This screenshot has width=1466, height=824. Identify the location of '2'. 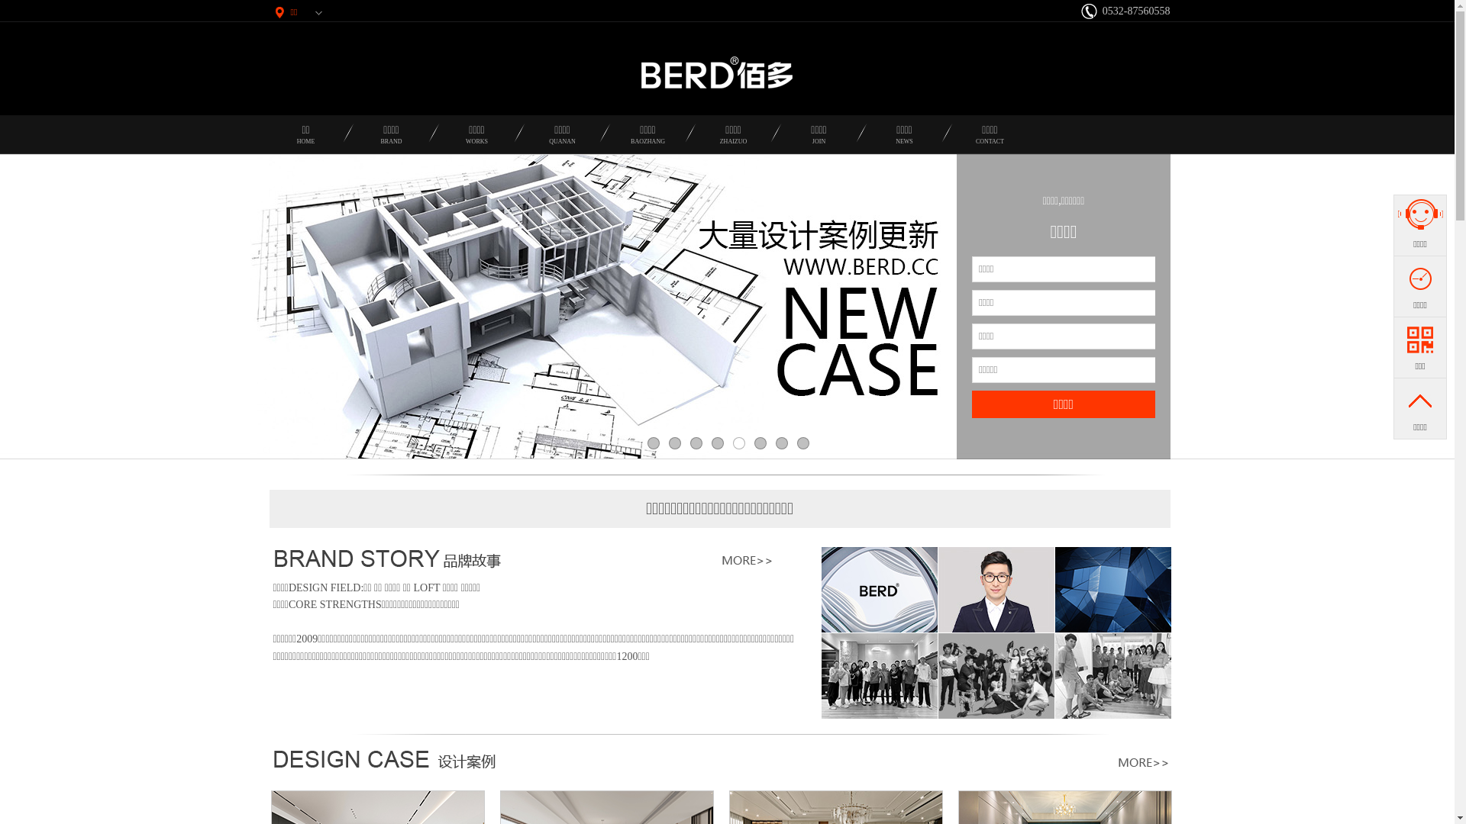
(673, 443).